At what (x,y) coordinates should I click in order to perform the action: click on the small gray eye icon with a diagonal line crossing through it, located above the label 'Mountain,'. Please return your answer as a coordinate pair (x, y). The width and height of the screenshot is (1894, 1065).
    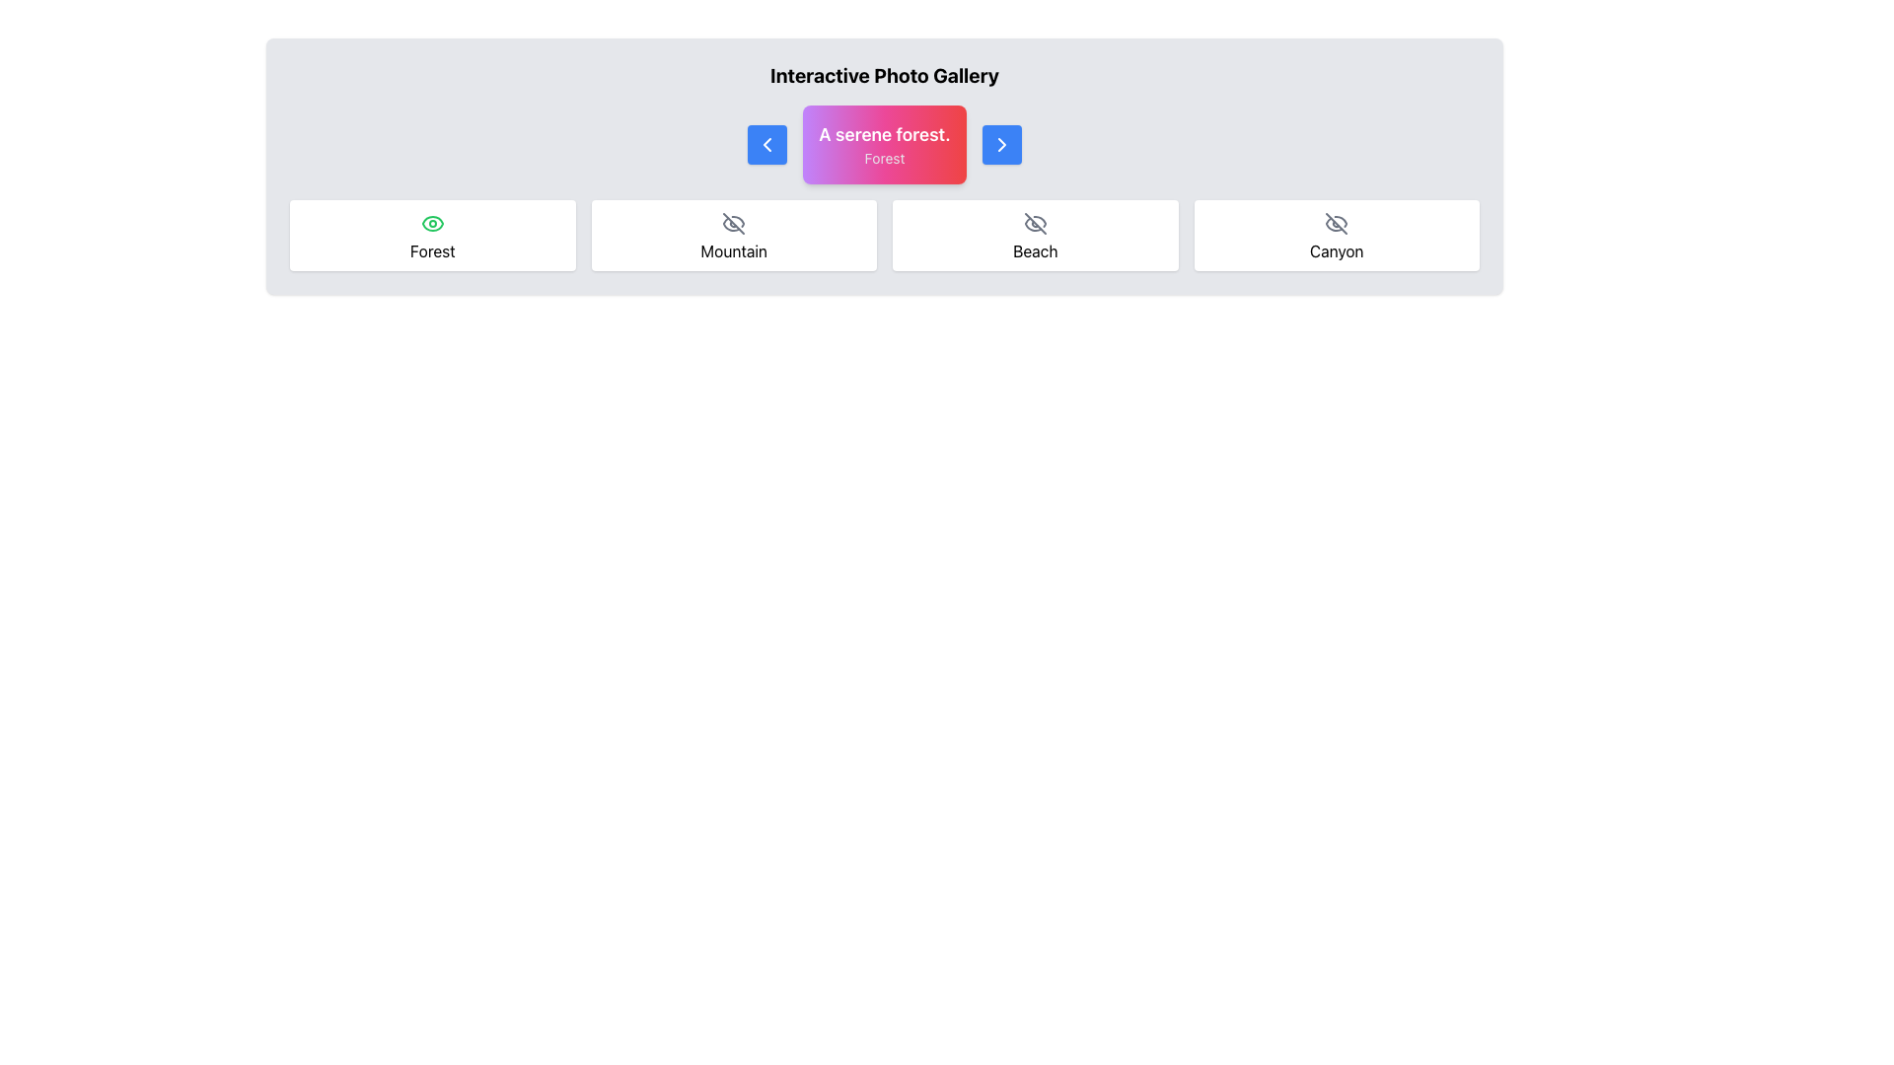
    Looking at the image, I should click on (733, 223).